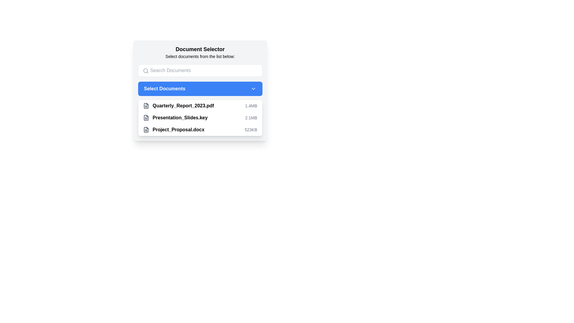 The width and height of the screenshot is (574, 323). I want to click on the text element displaying the name of the file available for selection, which is located as the second item in the document selection interface, below 'Quarterly_Report_2023.pdf' and above 'Project_Proposal.docx', so click(175, 118).